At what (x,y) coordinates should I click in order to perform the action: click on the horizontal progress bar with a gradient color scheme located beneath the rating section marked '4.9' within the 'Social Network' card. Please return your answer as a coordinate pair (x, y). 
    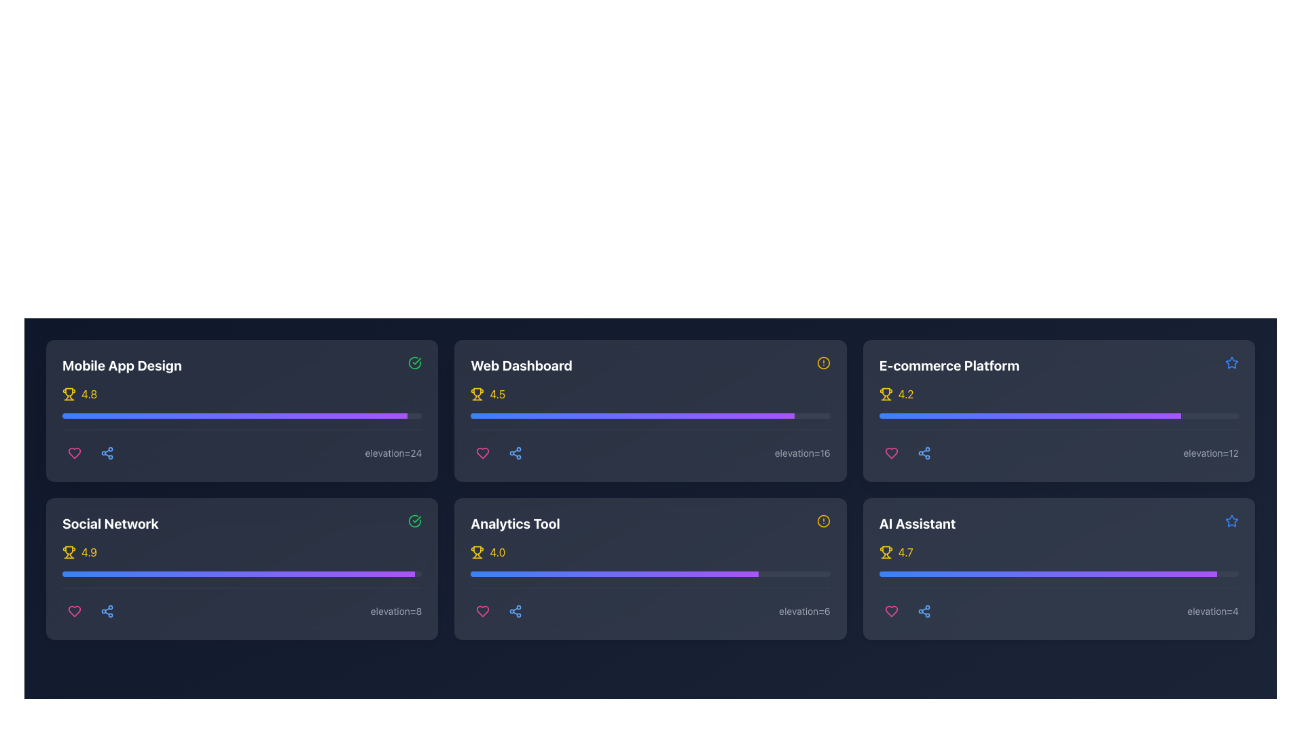
    Looking at the image, I should click on (242, 574).